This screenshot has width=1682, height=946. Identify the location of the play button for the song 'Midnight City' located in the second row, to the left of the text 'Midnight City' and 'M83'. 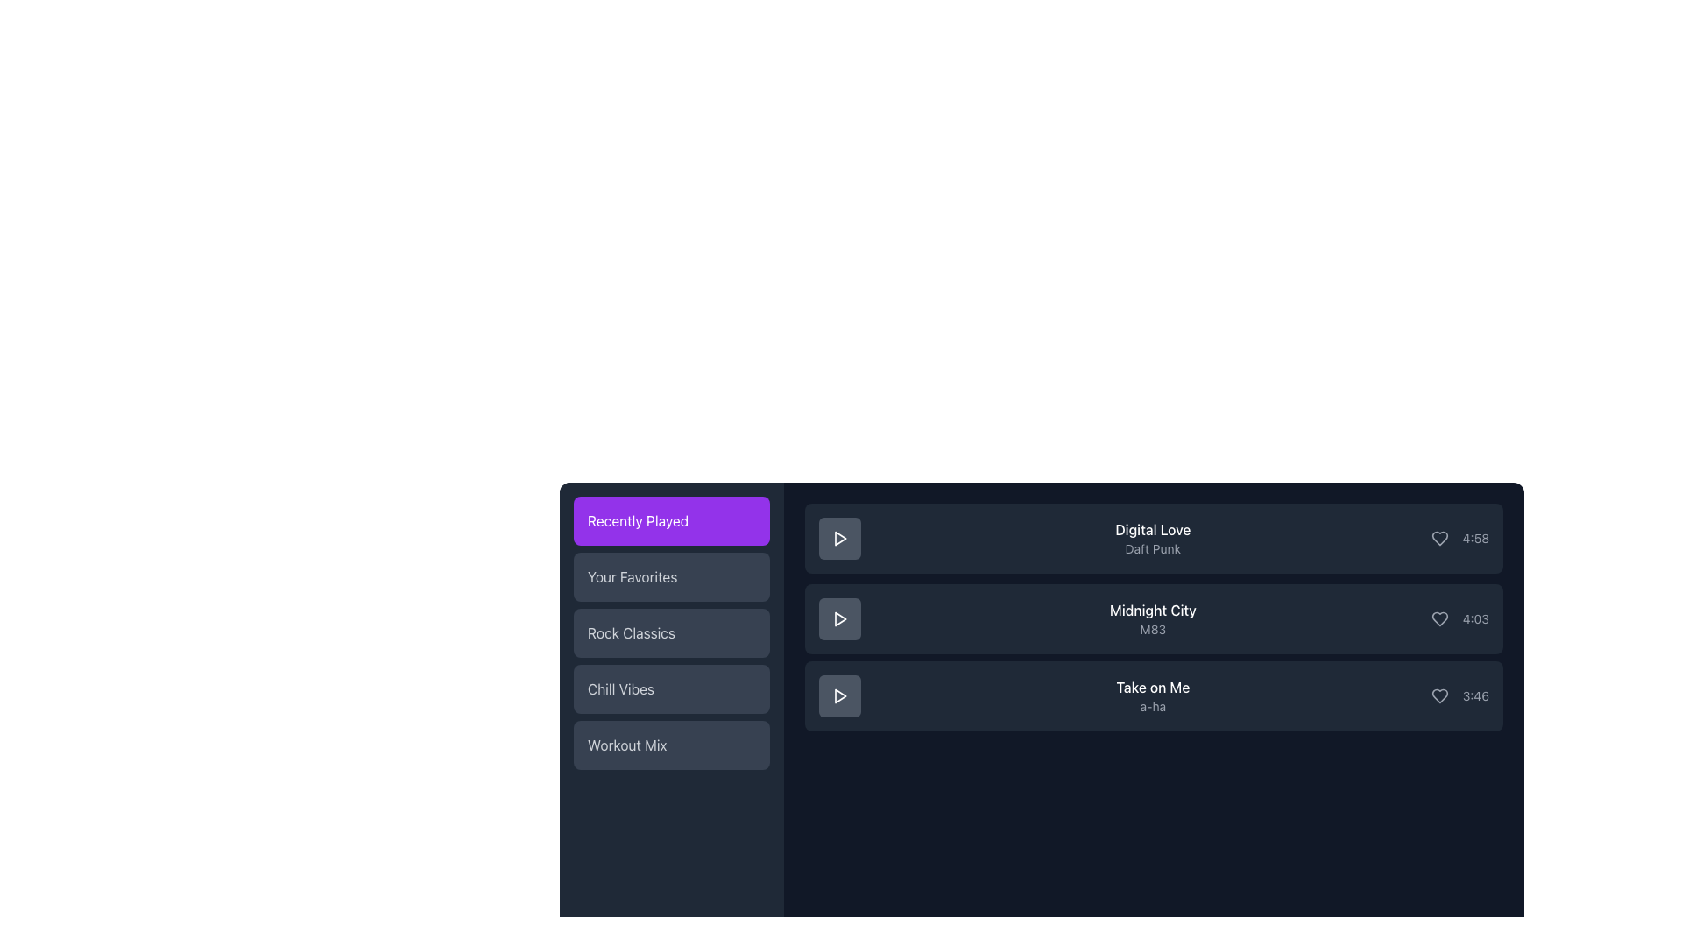
(839, 618).